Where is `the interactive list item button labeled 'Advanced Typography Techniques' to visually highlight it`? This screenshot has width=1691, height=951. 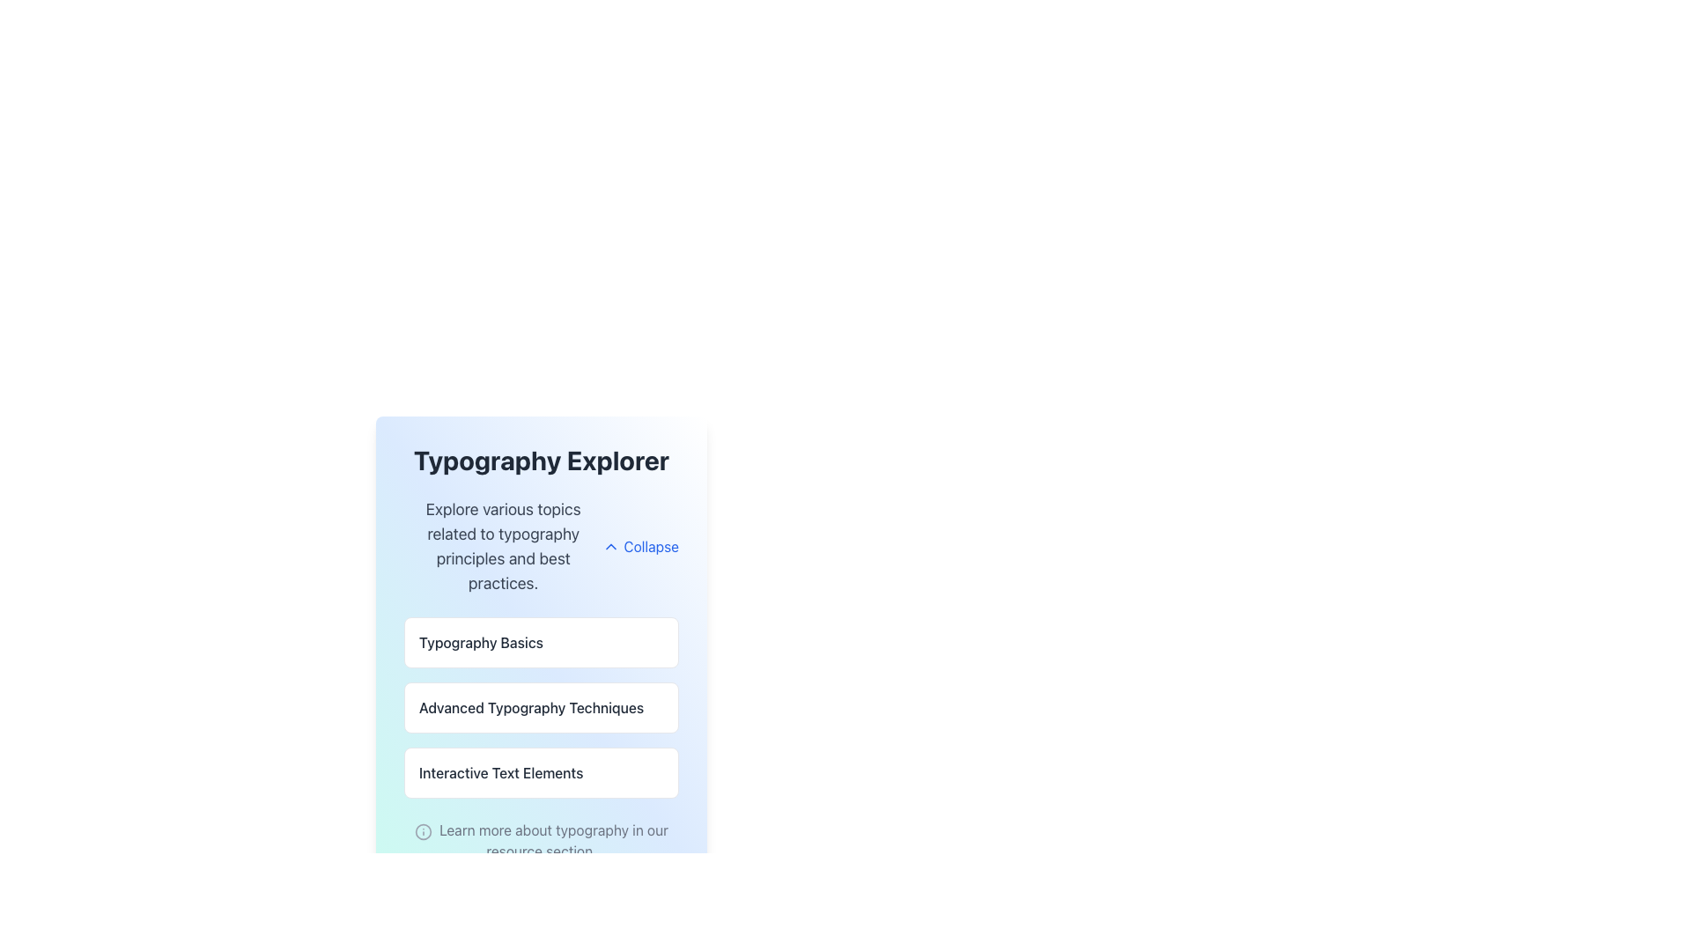
the interactive list item button labeled 'Advanced Typography Techniques' to visually highlight it is located at coordinates (540, 706).